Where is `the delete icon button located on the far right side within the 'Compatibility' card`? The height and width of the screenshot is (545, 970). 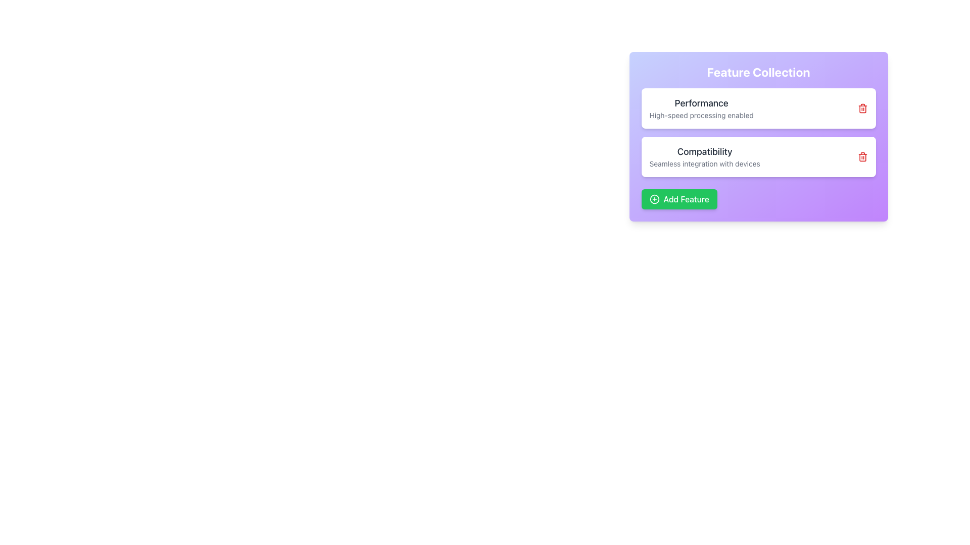 the delete icon button located on the far right side within the 'Compatibility' card is located at coordinates (862, 157).